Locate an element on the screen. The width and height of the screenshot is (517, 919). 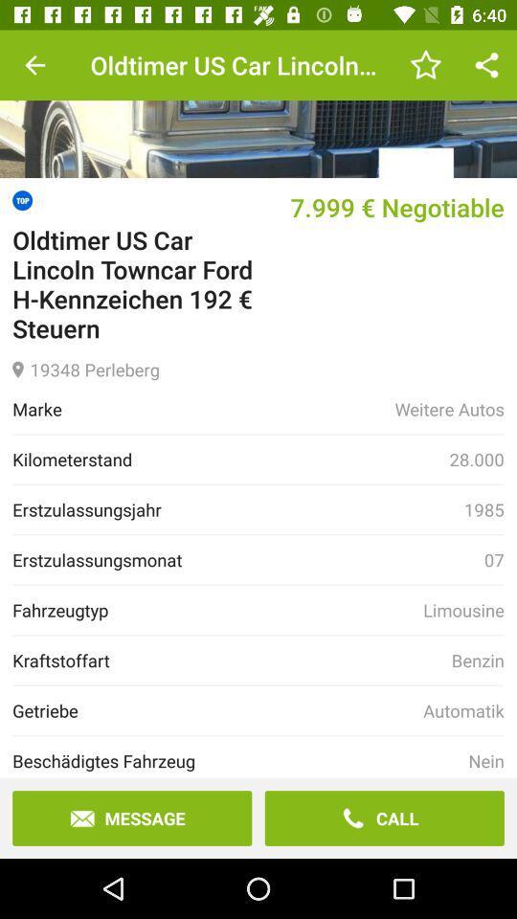
item next to oldtimer us car item is located at coordinates (426, 65).